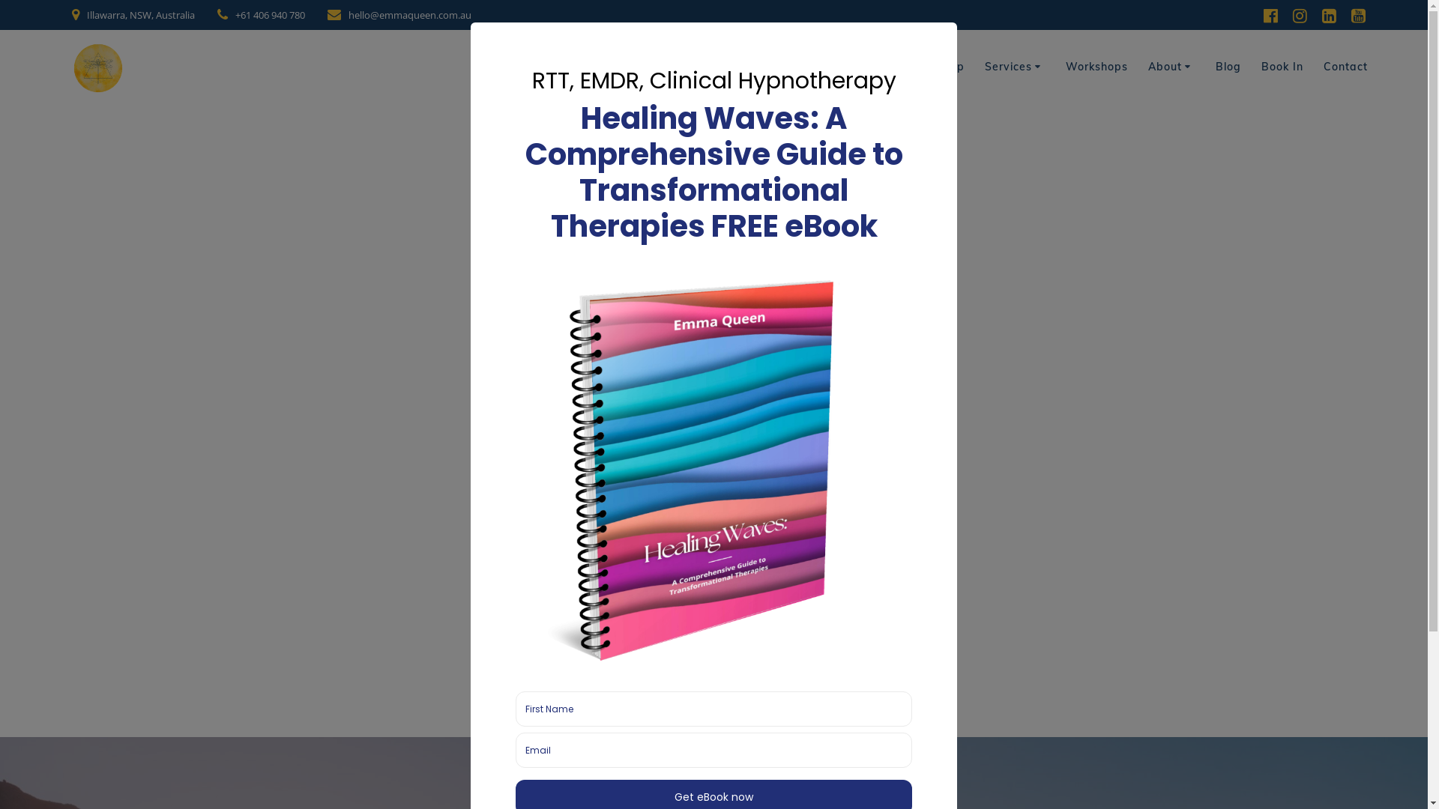  I want to click on 'Workshops', so click(1096, 67).